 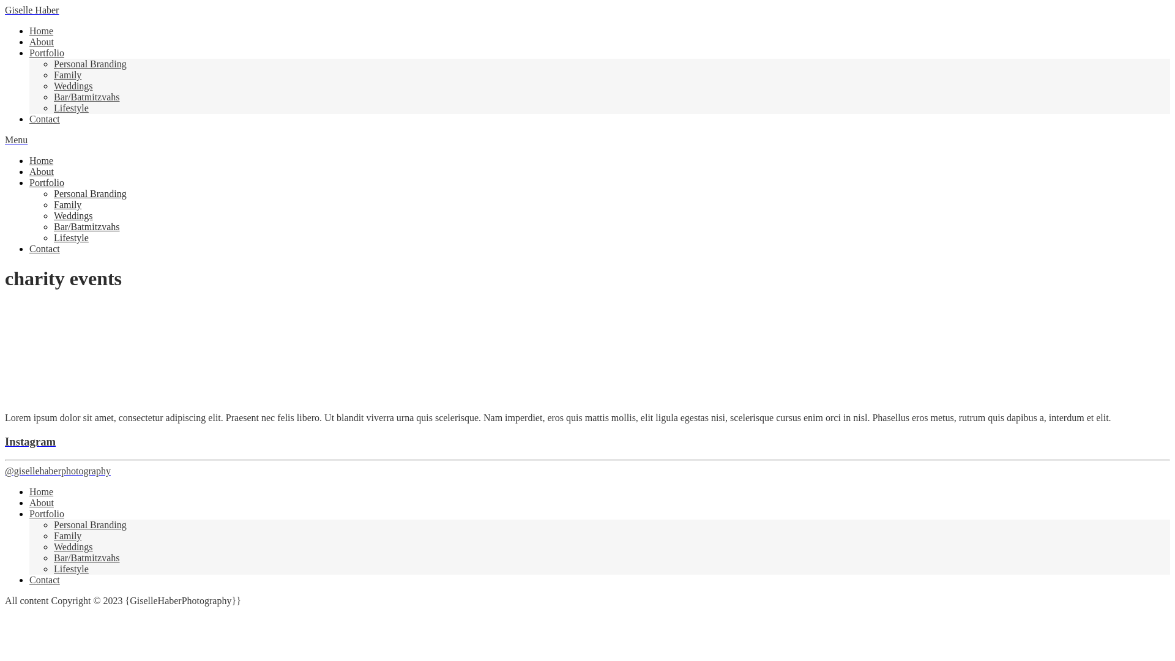 What do you see at coordinates (47, 182) in the screenshot?
I see `'Portfolio'` at bounding box center [47, 182].